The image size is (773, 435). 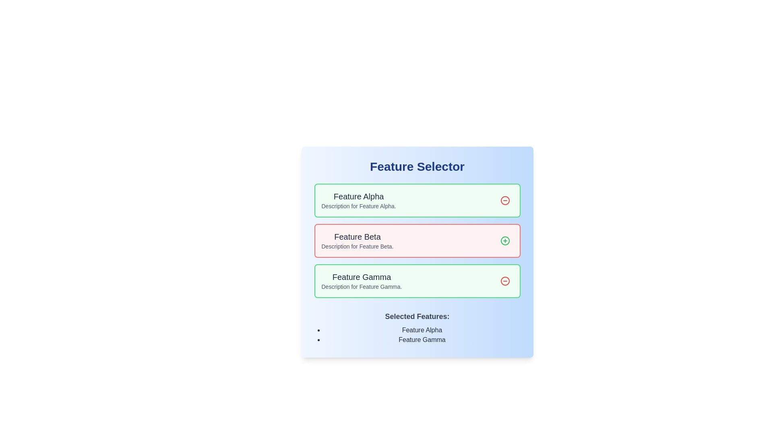 What do you see at coordinates (358, 206) in the screenshot?
I see `description text provided by the Text Label located directly below the 'Feature Alpha' heading in the first feature block` at bounding box center [358, 206].